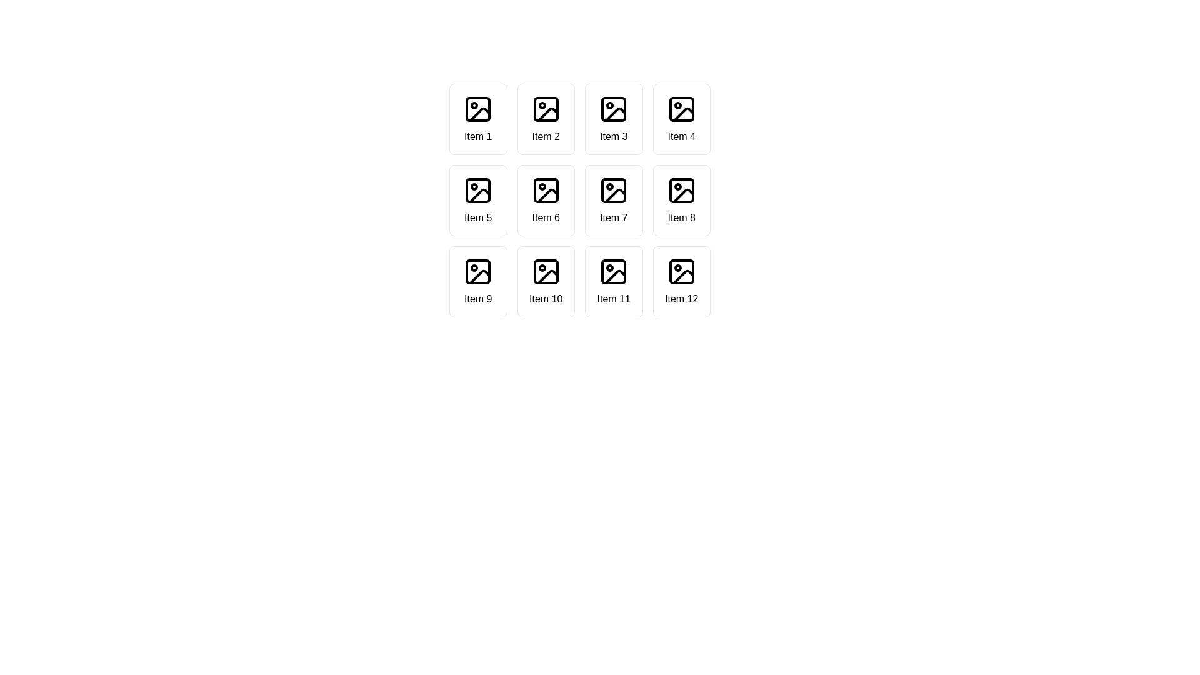 This screenshot has width=1200, height=675. Describe the element at coordinates (614, 271) in the screenshot. I see `the rectangular graphical background of the eleventh icon in the grid layout, which contains a circle and a diagonal line` at that location.